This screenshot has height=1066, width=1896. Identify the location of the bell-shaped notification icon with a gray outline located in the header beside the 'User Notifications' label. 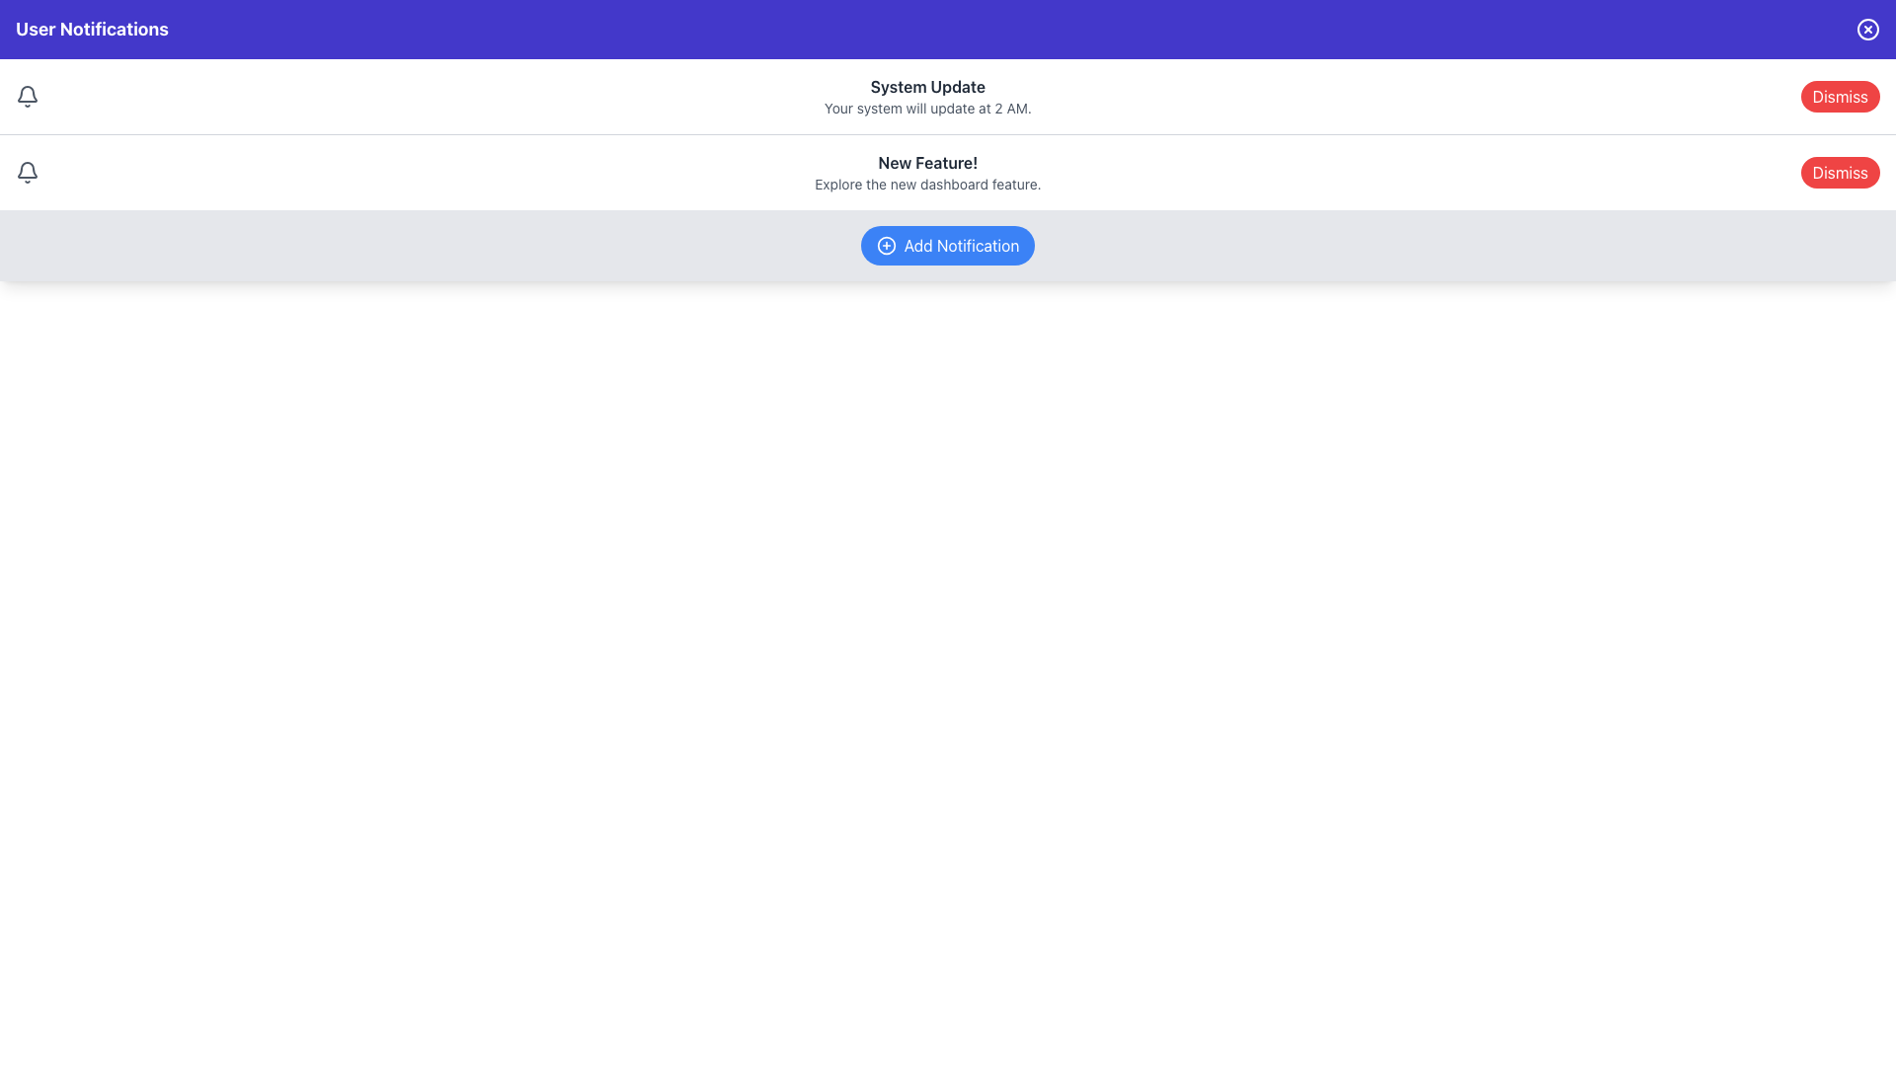
(28, 169).